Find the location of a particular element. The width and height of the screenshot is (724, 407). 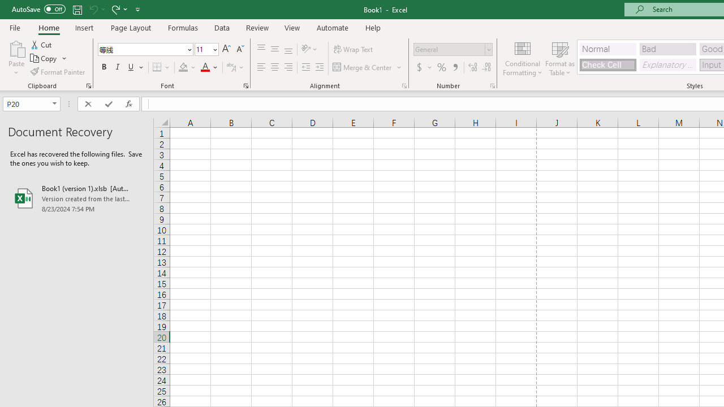

'Show Phonetic Field' is located at coordinates (235, 67).